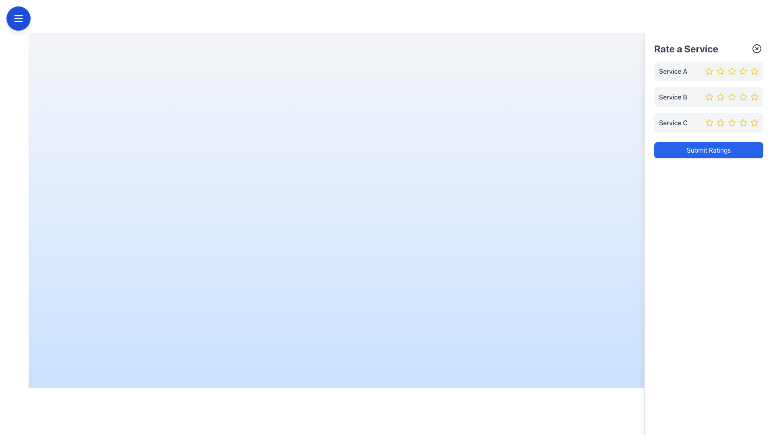  I want to click on the fifth star icon, so click(754, 96).